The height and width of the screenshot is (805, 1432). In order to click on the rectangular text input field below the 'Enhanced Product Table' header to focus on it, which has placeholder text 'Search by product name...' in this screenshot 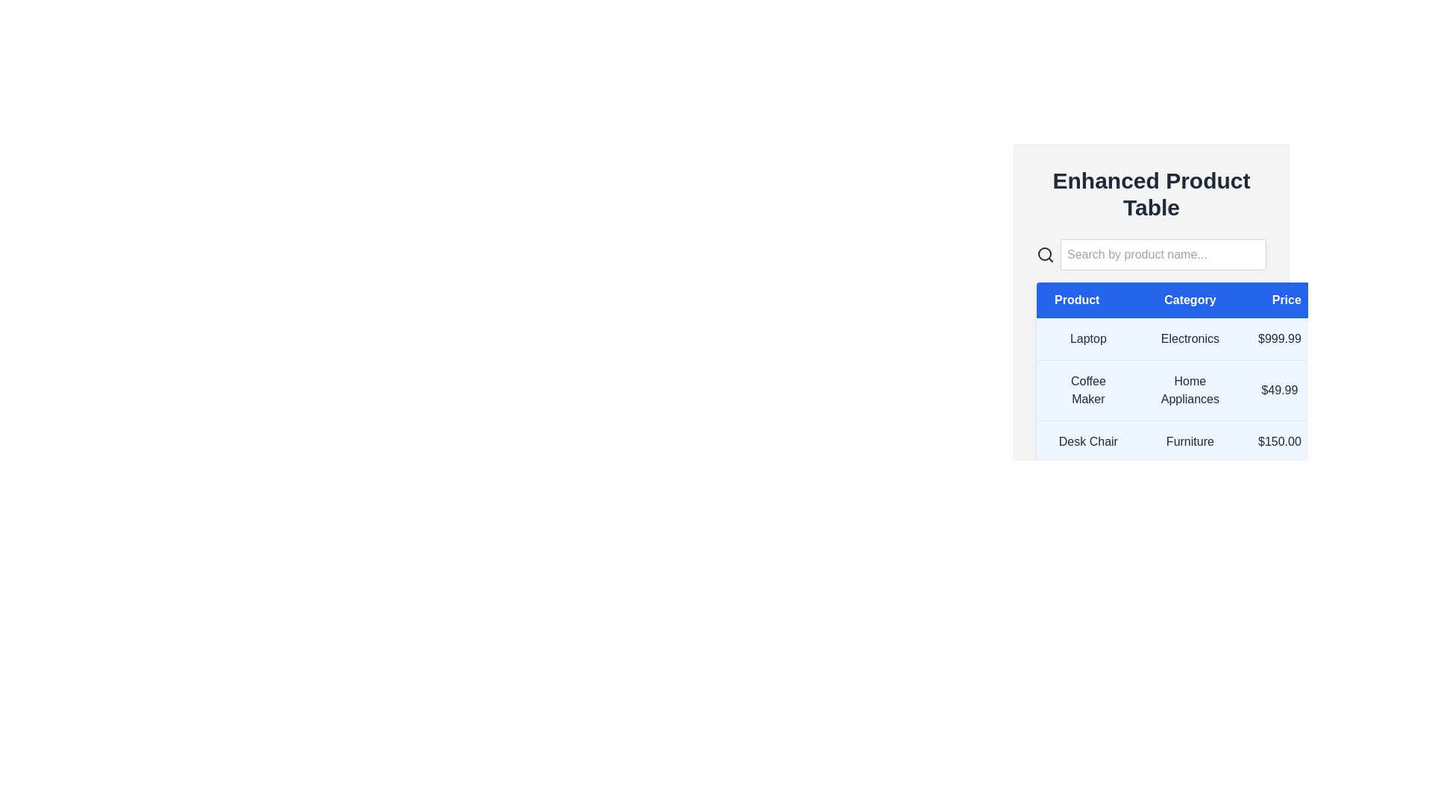, I will do `click(1163, 254)`.